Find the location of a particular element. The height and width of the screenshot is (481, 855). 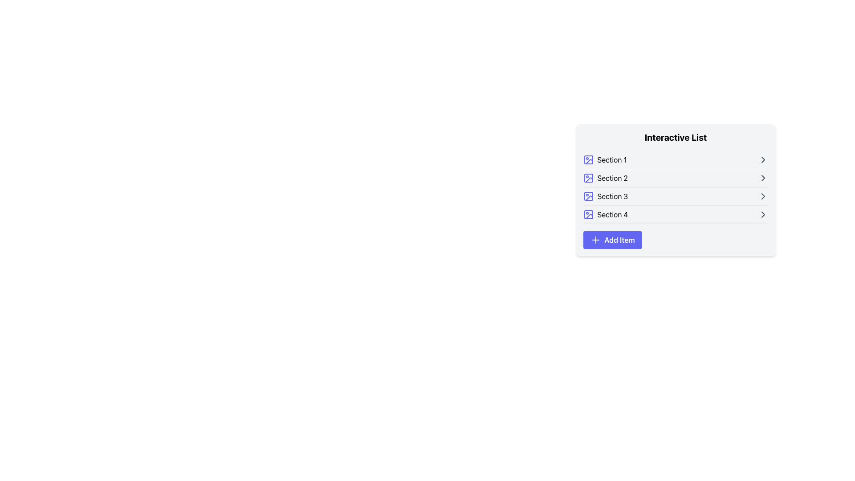

the central square of the image placeholder icon in the second list item of the 'Interactive List', positioned to the left of the text 'Section 2' is located at coordinates (588, 178).